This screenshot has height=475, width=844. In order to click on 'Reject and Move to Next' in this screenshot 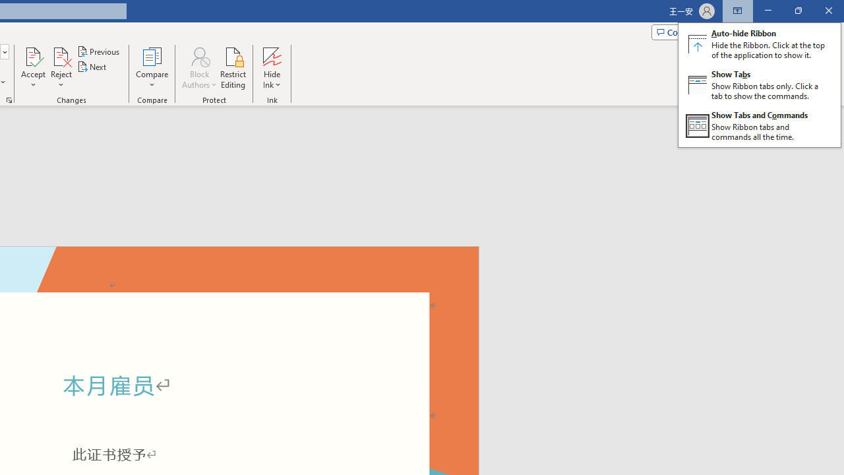, I will do `click(60, 55)`.